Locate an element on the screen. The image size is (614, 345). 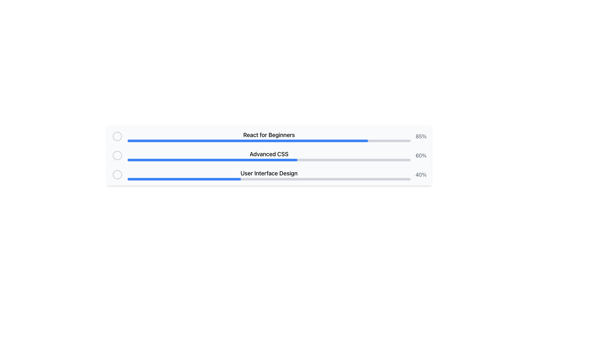
the circular icon with a gray border and white interior that is the first in the list, located to the left of the 'React for Beginners' progress bar is located at coordinates (117, 136).